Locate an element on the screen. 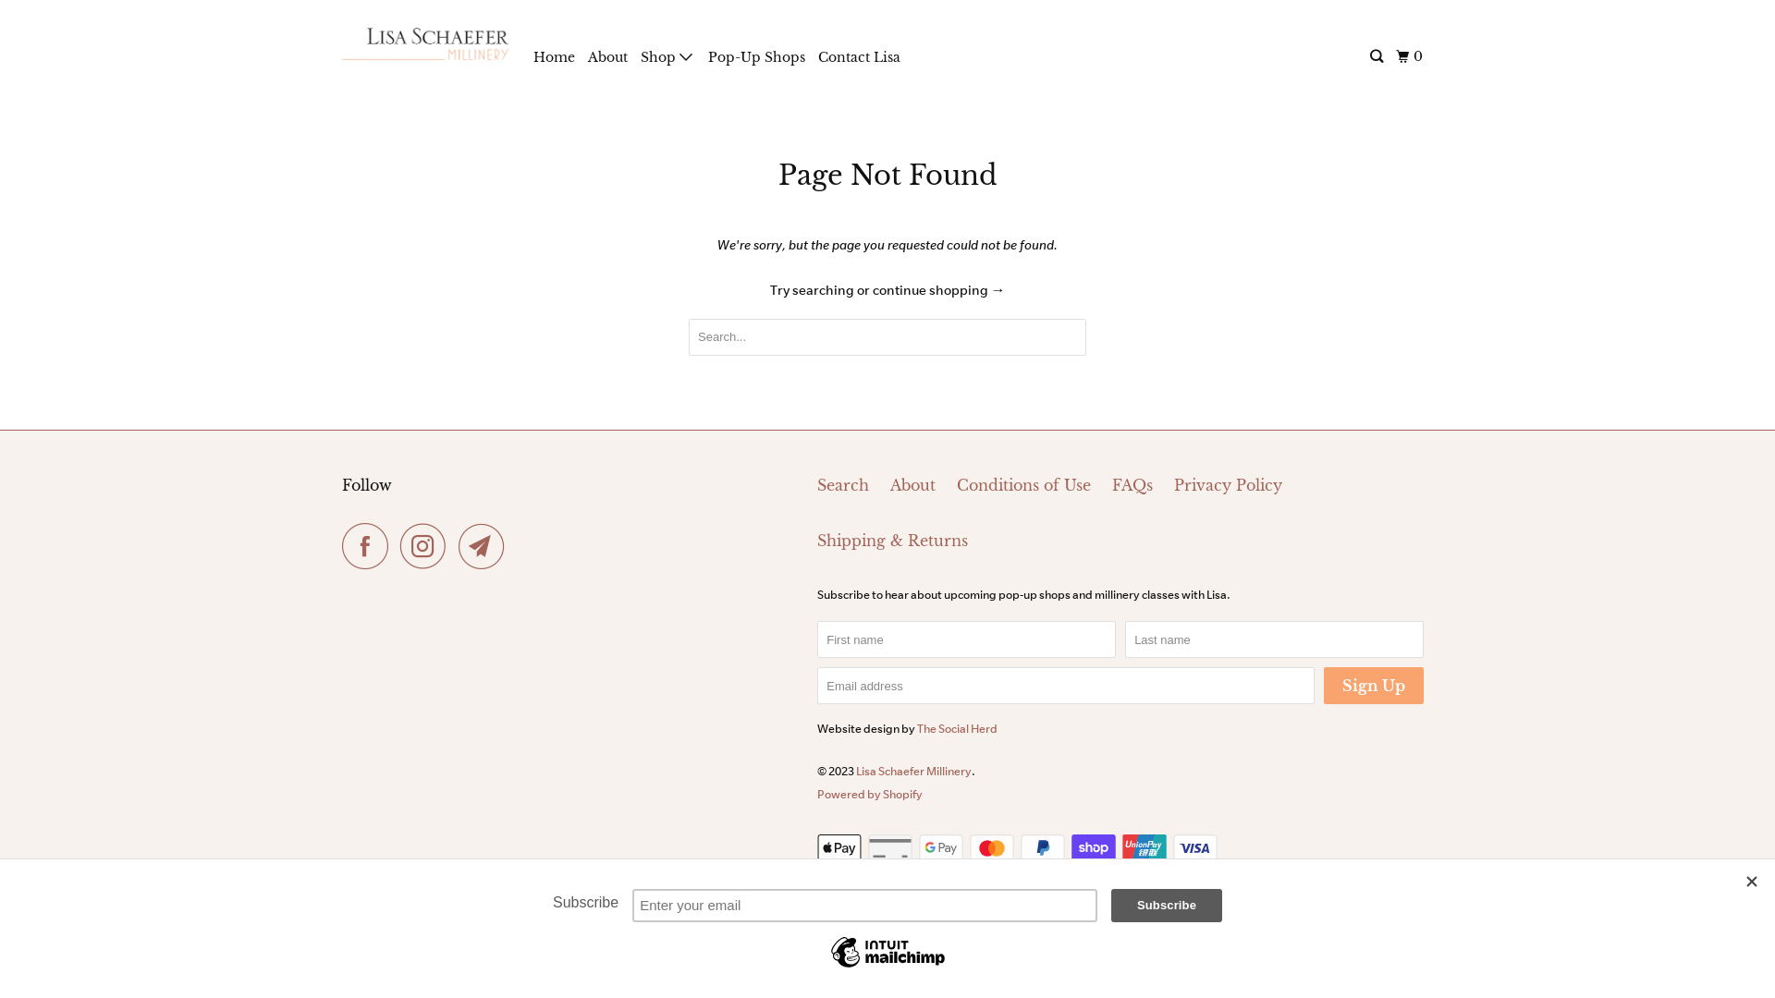 The image size is (1775, 998). 'The Social Herd' is located at coordinates (917, 728).